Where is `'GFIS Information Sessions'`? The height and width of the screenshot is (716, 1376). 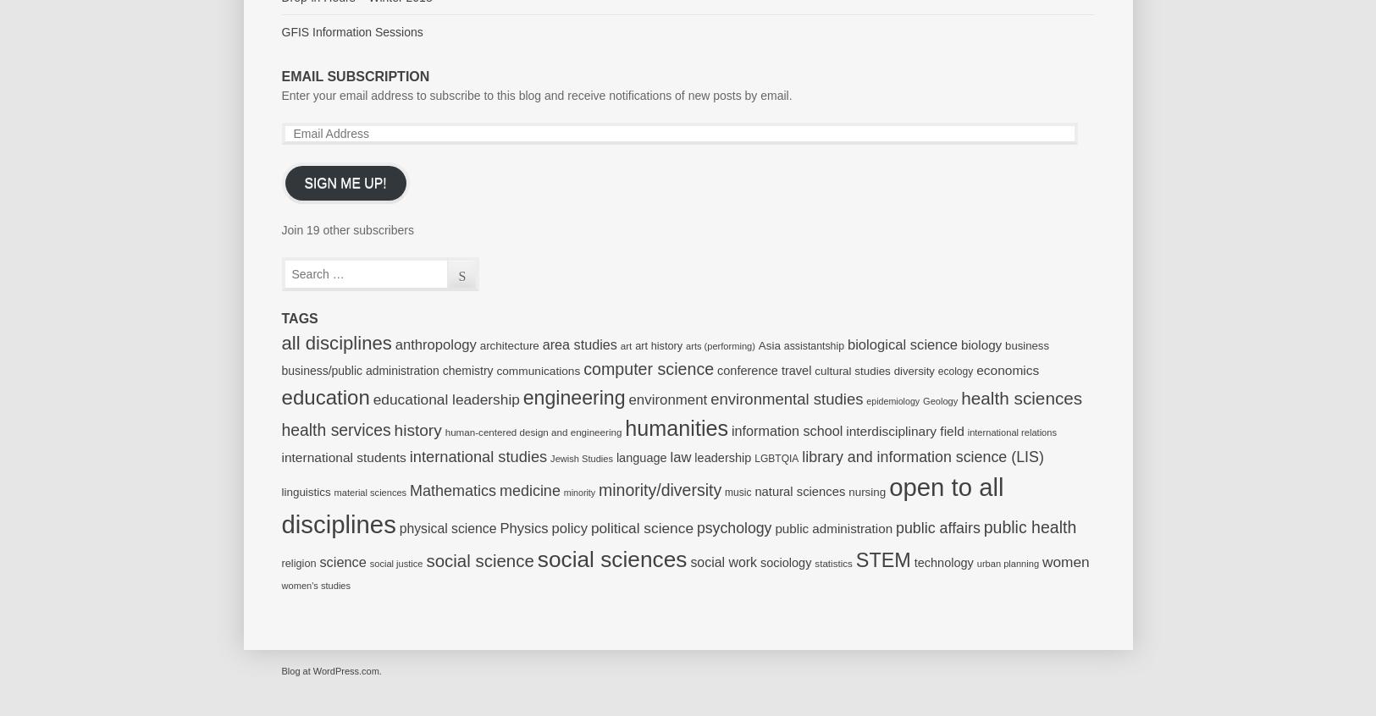 'GFIS Information Sessions' is located at coordinates (351, 30).